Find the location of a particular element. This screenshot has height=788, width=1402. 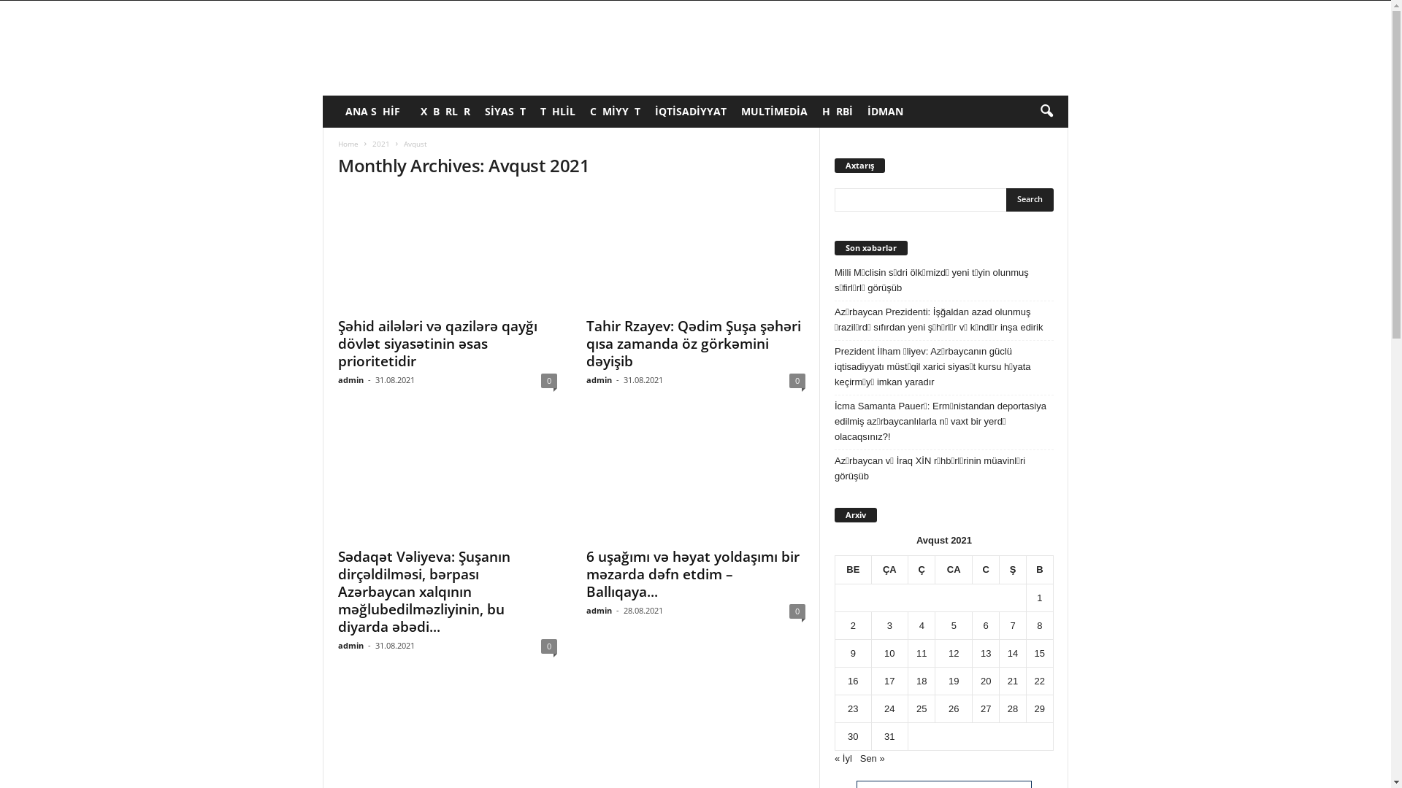

'13' is located at coordinates (985, 652).